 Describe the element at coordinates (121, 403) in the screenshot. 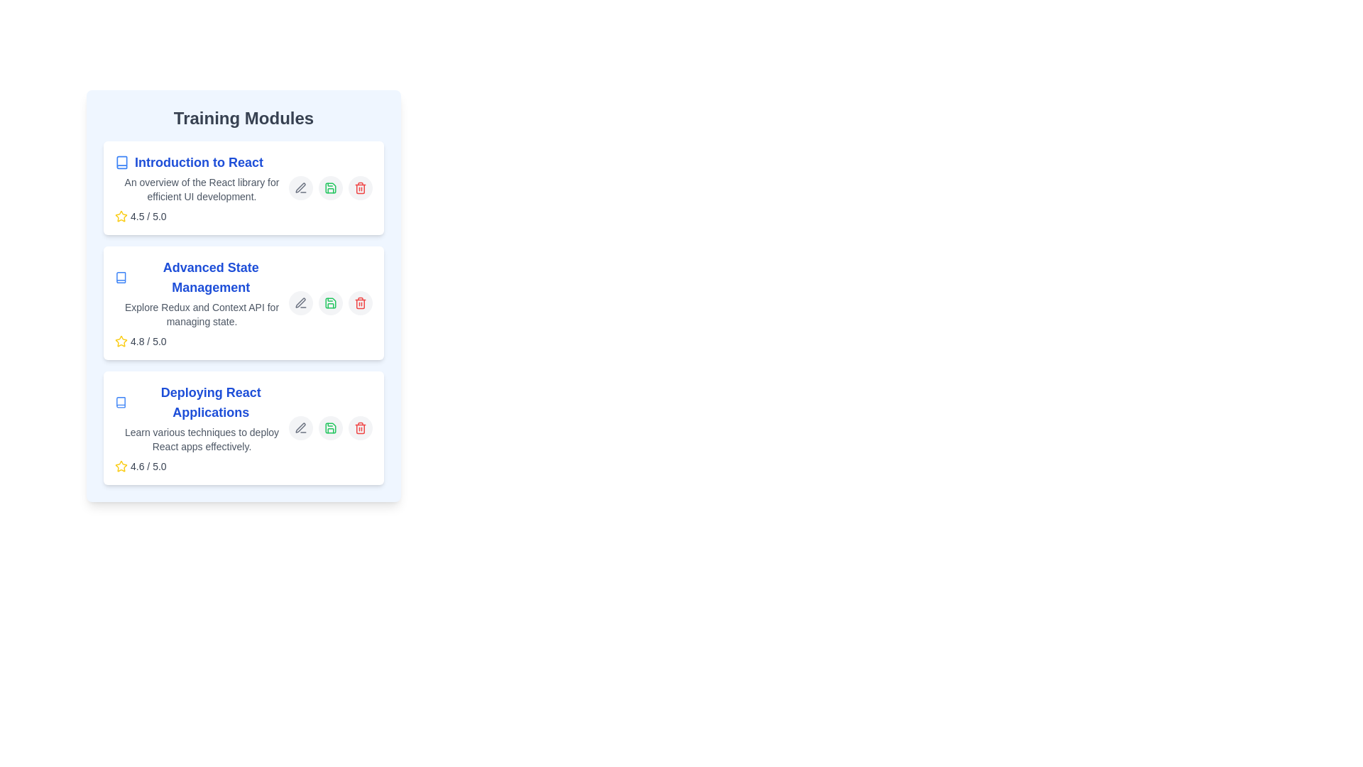

I see `the blue outlined SVG graphic element representing a rectangular object, located to the left of the 'Deploying React Applications' module title` at that location.